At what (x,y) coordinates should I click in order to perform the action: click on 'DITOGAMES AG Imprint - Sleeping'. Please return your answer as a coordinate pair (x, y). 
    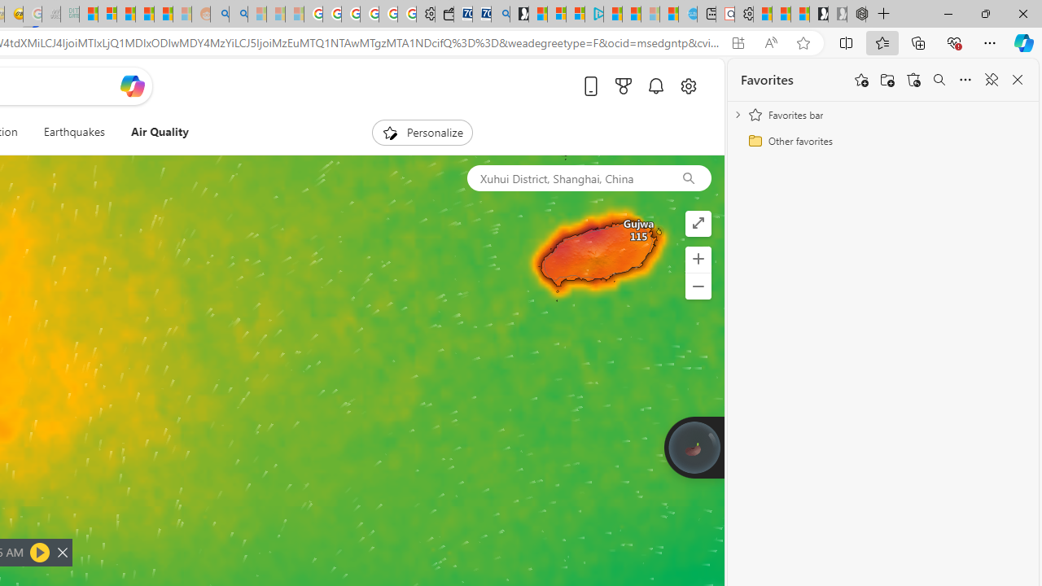
    Looking at the image, I should click on (69, 14).